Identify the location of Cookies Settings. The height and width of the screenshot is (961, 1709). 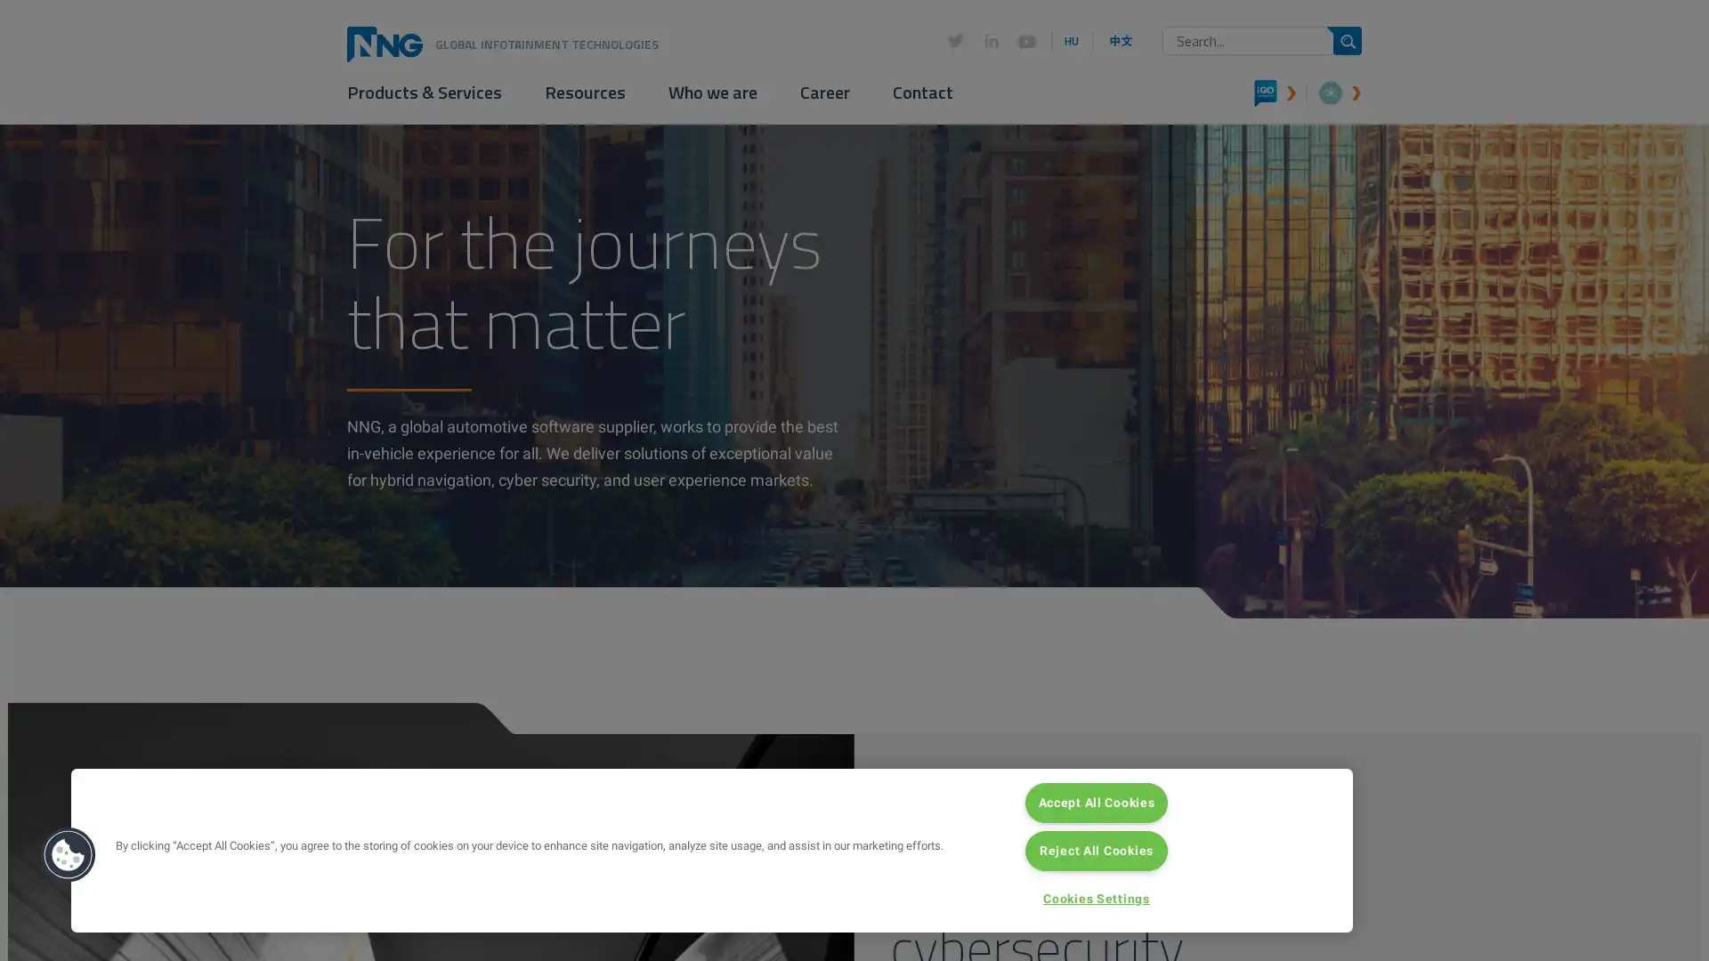
(1096, 899).